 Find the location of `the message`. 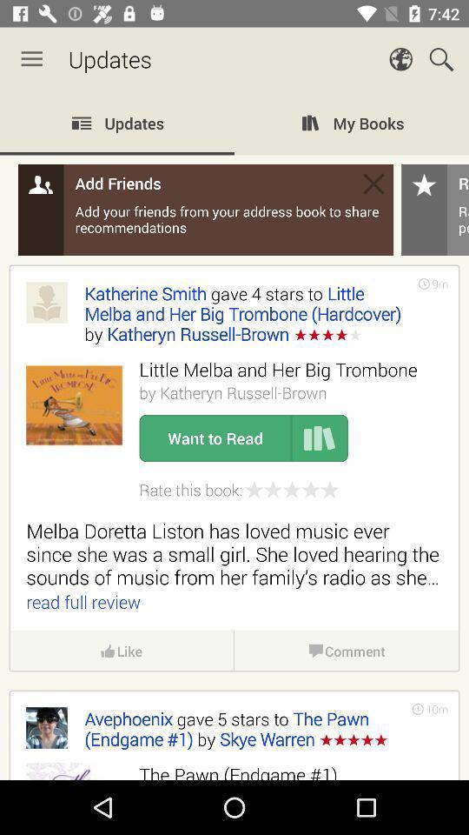

the message is located at coordinates (373, 184).